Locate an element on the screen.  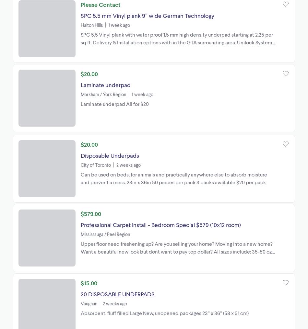
'Please Contact' is located at coordinates (100, 4).